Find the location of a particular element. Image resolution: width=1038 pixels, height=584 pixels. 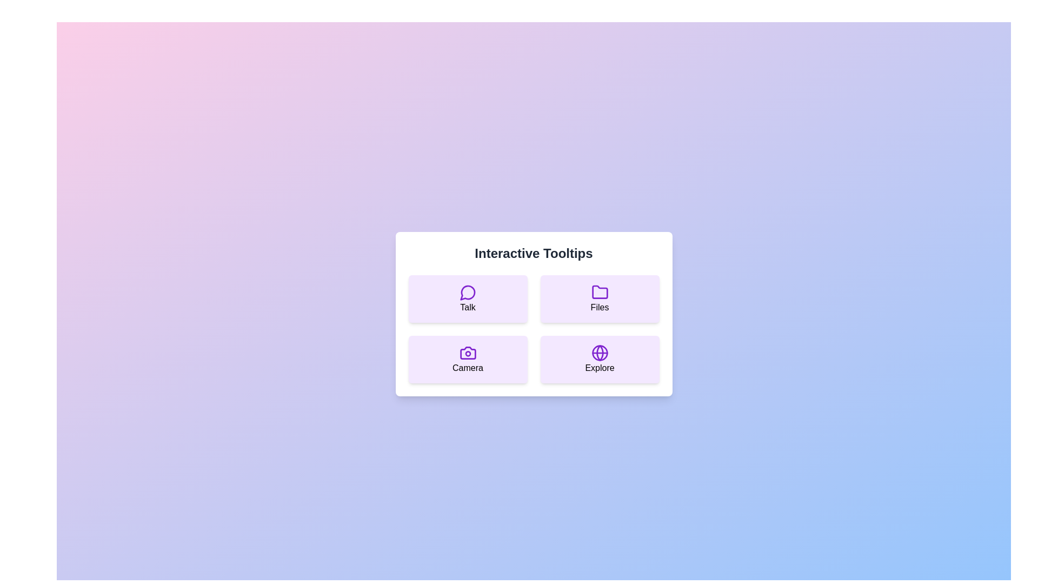

the purple stylized camera icon located in the uppermost position of the 'Camera' card in the lower left section of a 2x2 grid is located at coordinates (468, 353).